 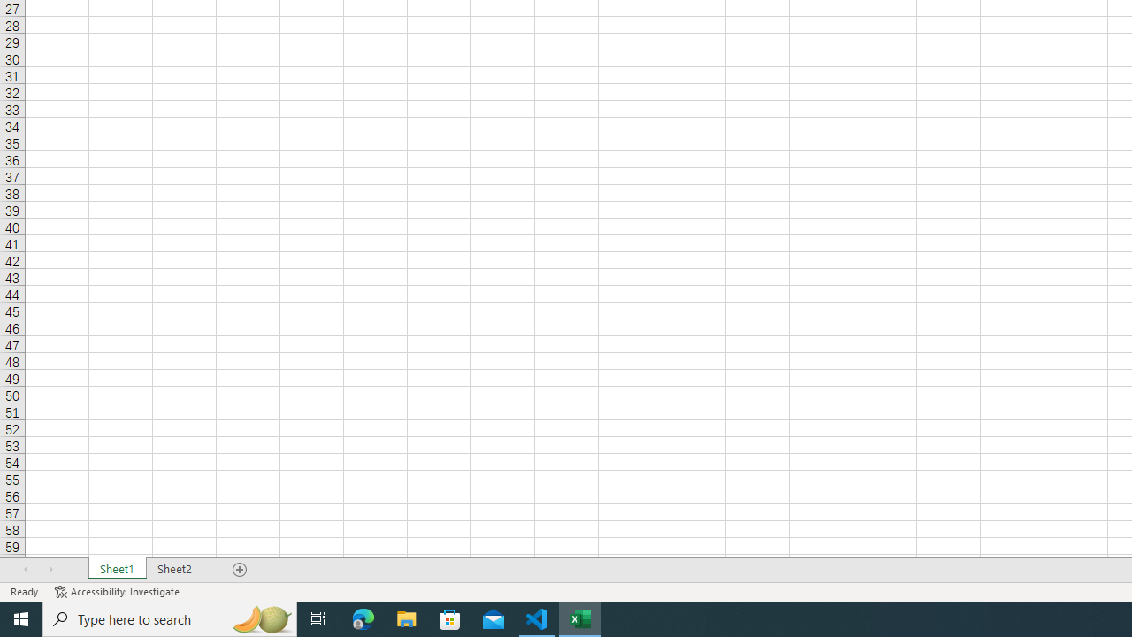 What do you see at coordinates (118, 592) in the screenshot?
I see `'Accessibility Checker Accessibility: Investigate'` at bounding box center [118, 592].